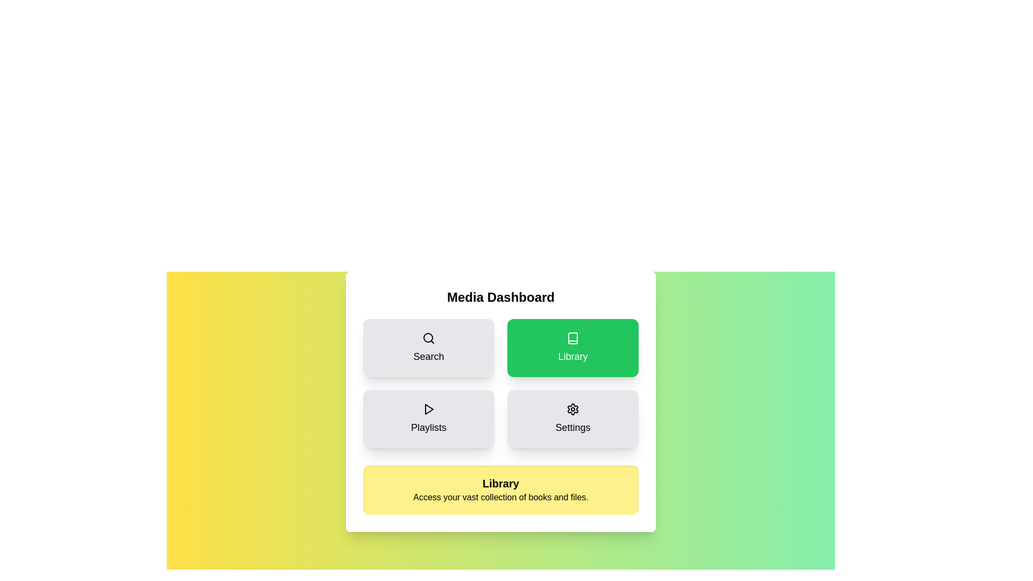  I want to click on the Search button to observe the hover effect, so click(428, 348).